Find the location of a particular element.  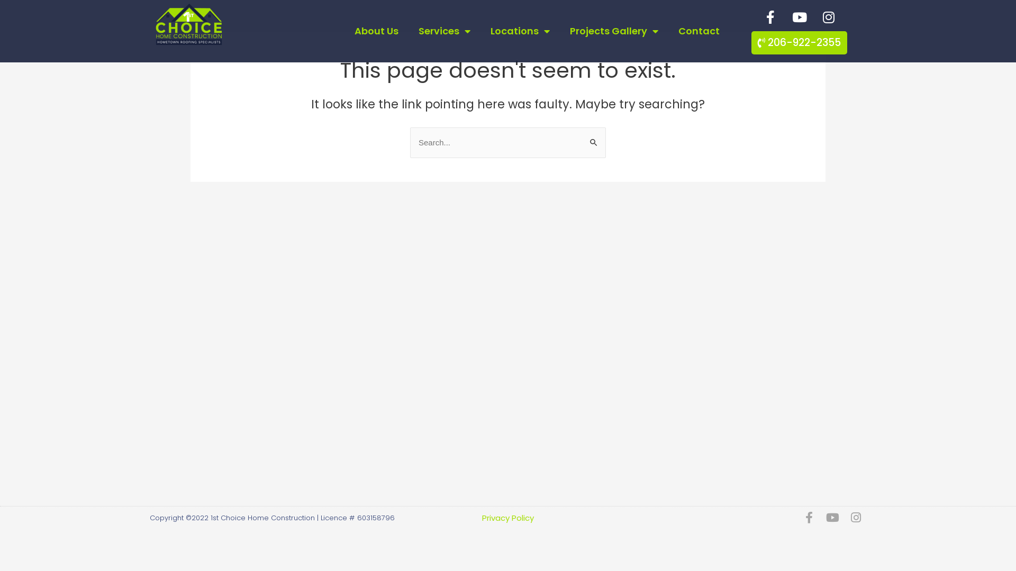

'Youtube' is located at coordinates (800, 16).